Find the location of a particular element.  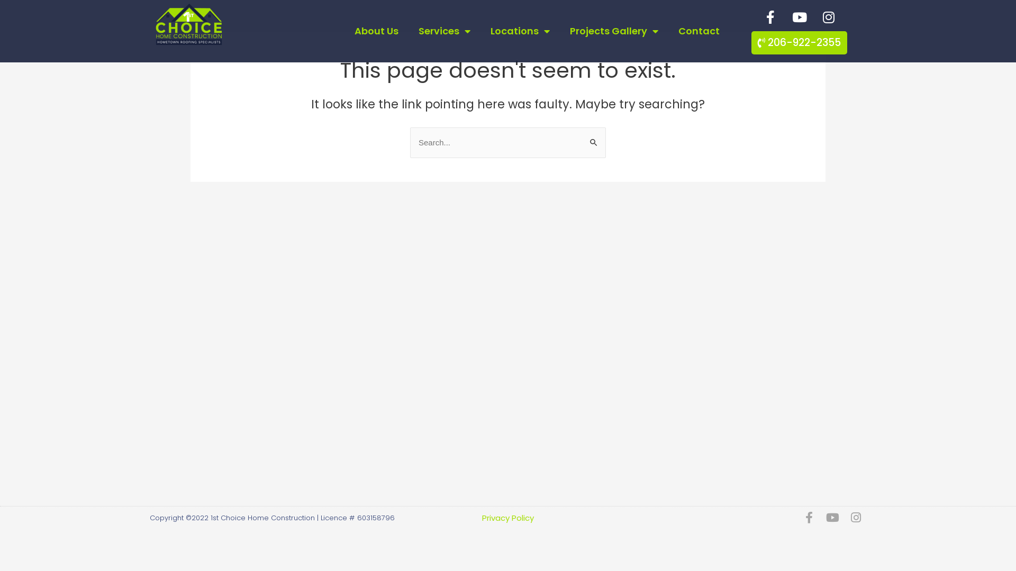

'Youtube' is located at coordinates (800, 16).